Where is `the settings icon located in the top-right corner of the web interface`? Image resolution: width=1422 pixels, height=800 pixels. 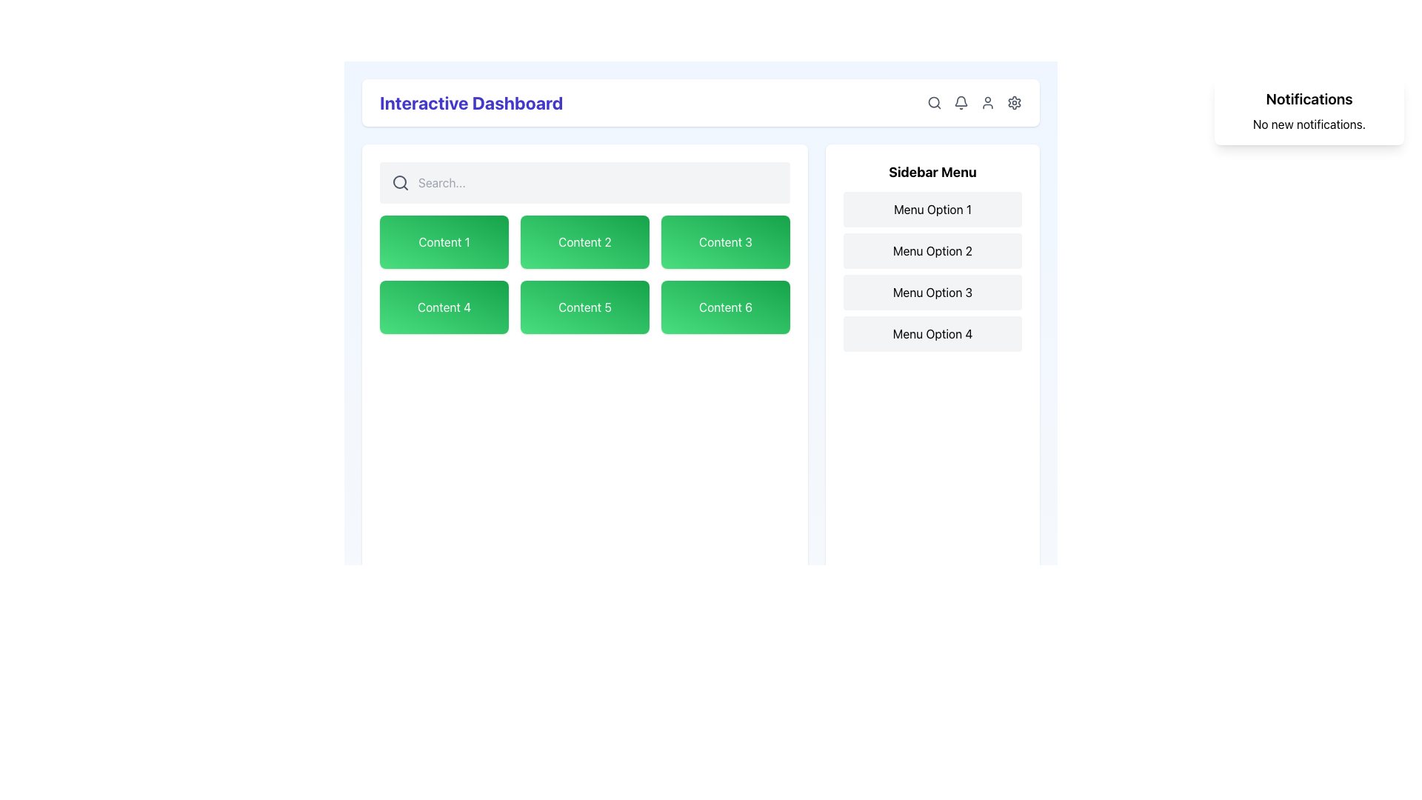 the settings icon located in the top-right corner of the web interface is located at coordinates (1013, 101).